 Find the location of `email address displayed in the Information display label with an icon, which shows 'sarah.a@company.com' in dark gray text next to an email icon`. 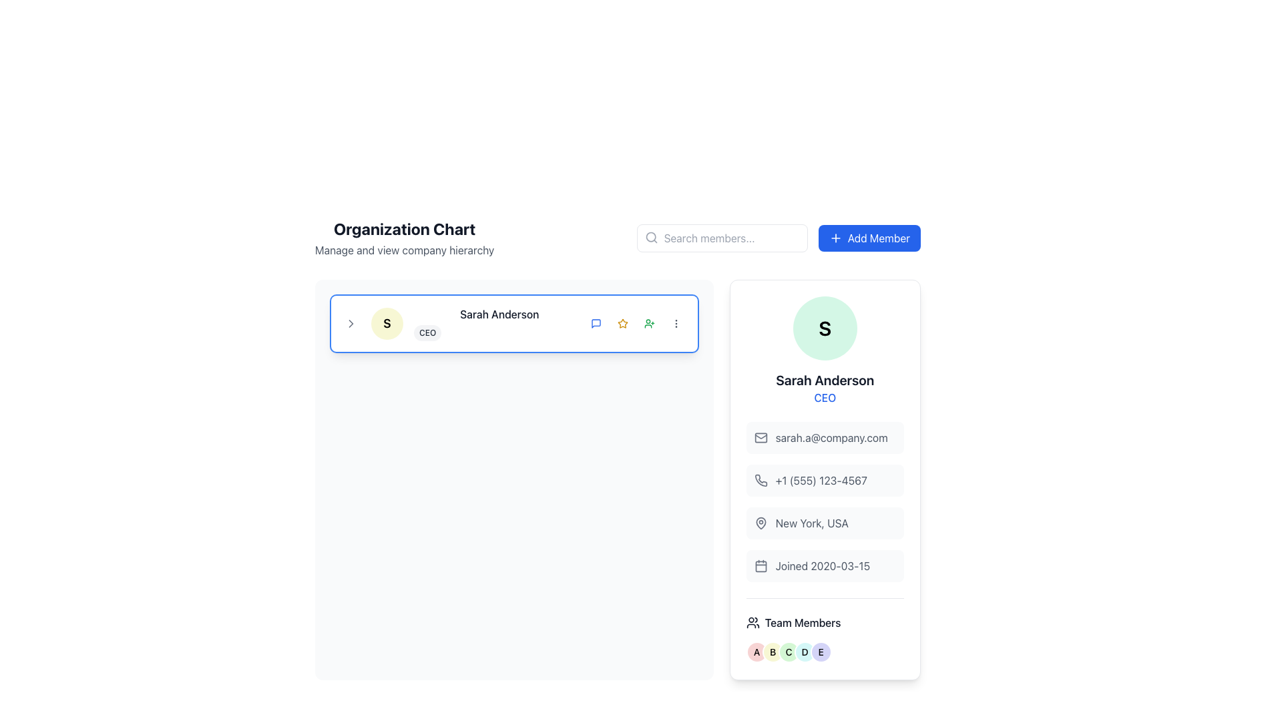

email address displayed in the Information display label with an icon, which shows 'sarah.a@company.com' in dark gray text next to an email icon is located at coordinates (824, 437).